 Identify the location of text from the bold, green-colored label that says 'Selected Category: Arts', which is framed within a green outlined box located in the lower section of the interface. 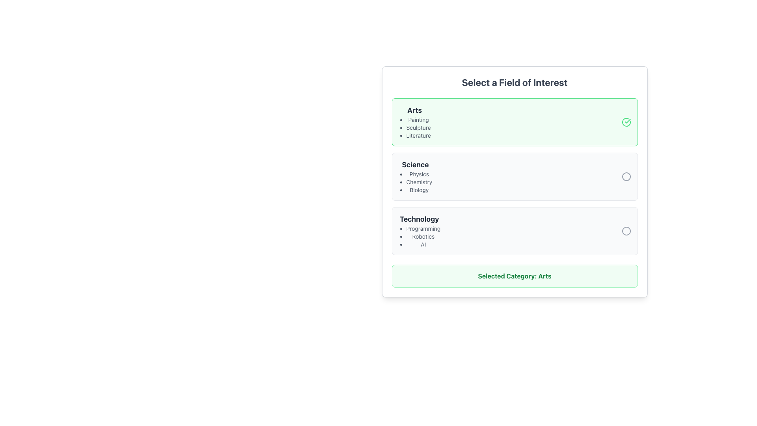
(515, 275).